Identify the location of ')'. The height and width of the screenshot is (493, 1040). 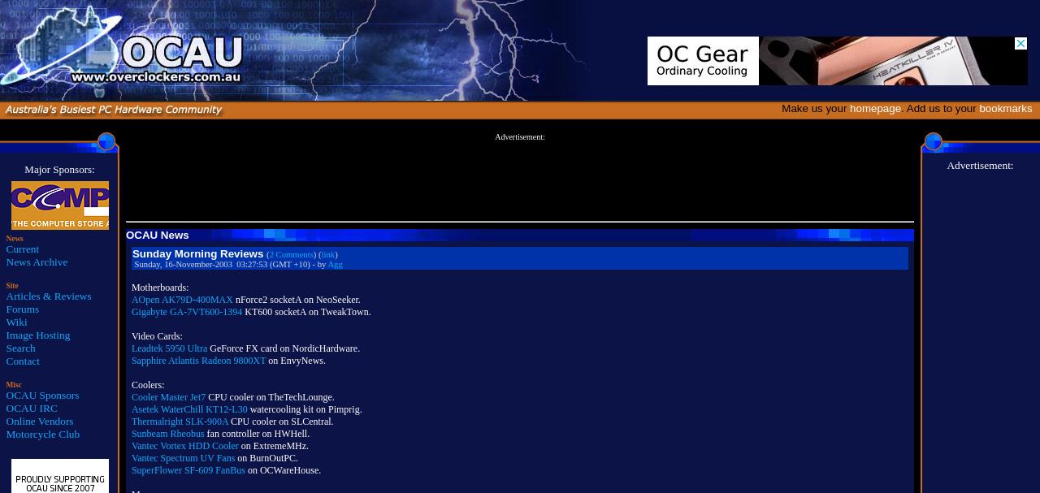
(335, 253).